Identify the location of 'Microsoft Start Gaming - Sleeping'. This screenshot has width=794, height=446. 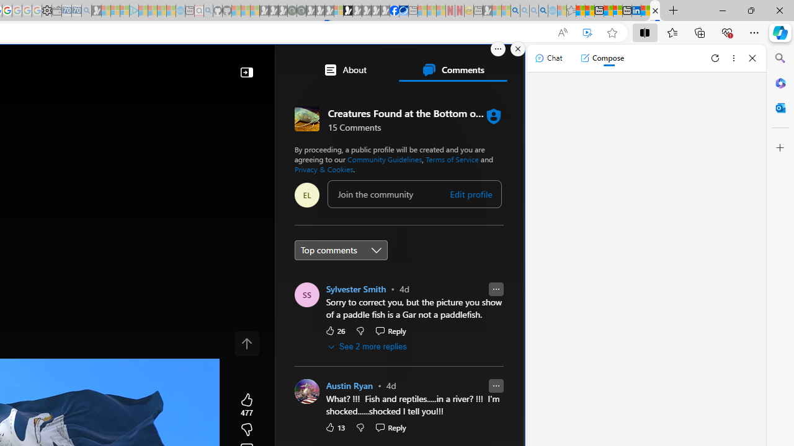
(96, 11).